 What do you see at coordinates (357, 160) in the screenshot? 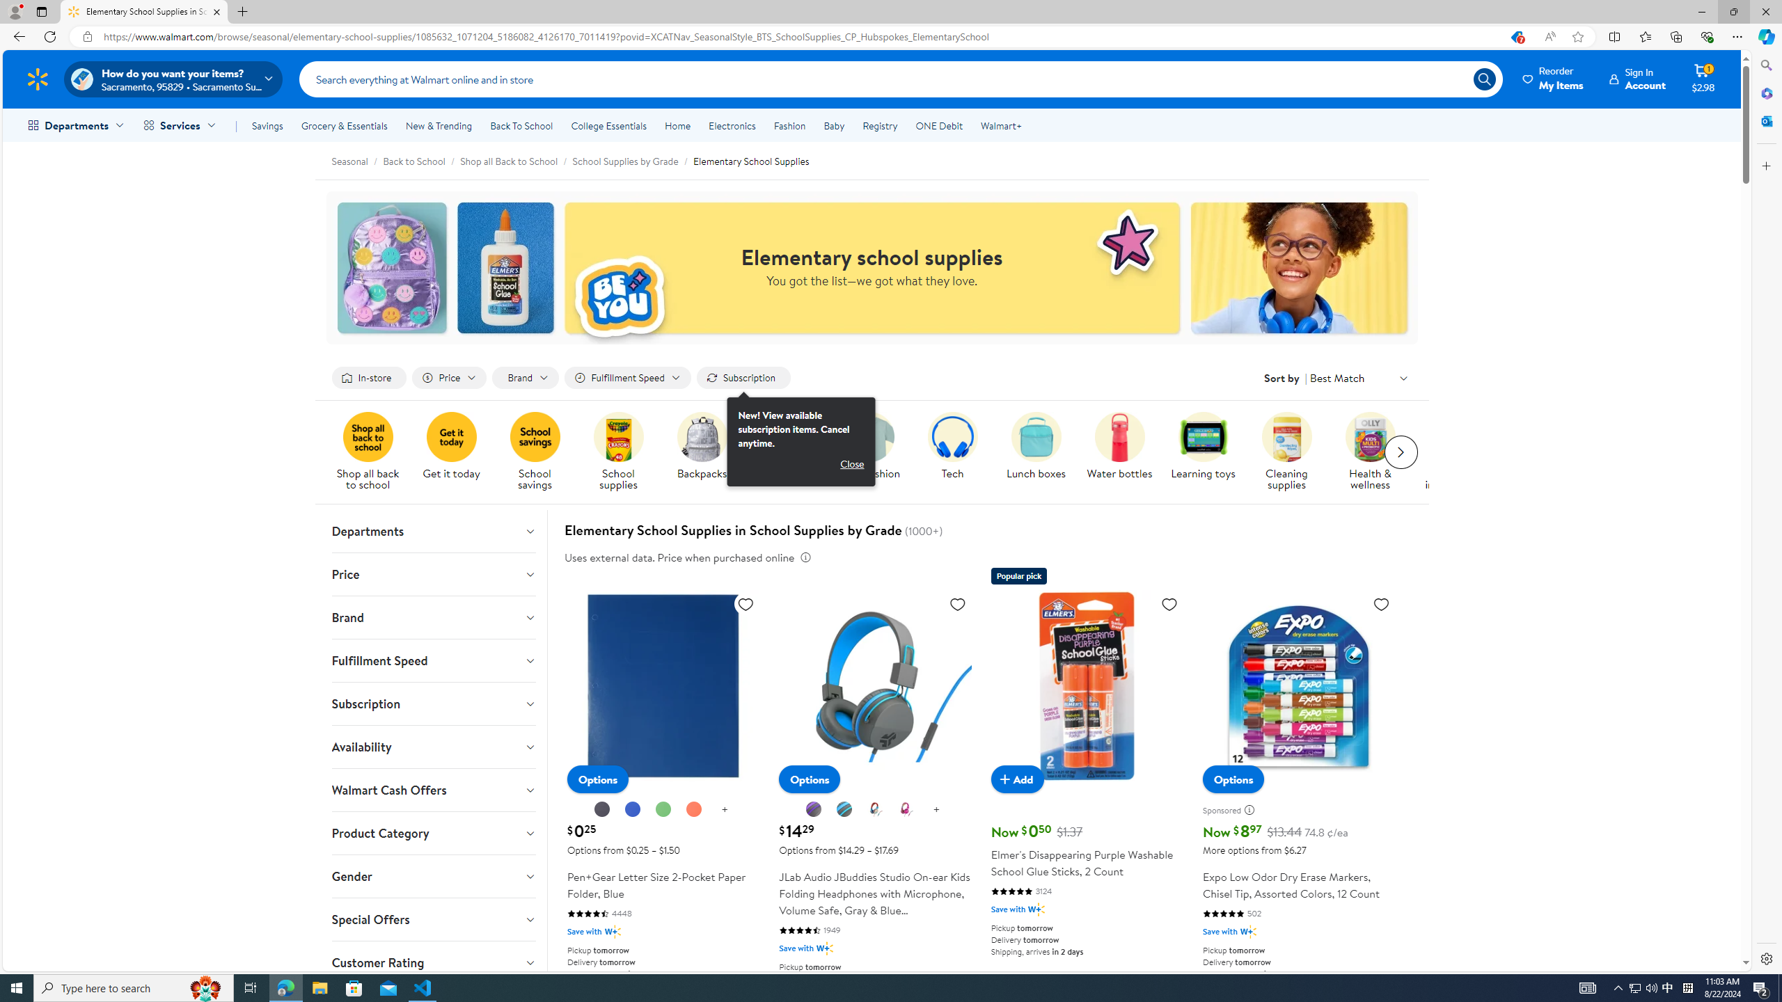
I see `'Seasonal'` at bounding box center [357, 160].